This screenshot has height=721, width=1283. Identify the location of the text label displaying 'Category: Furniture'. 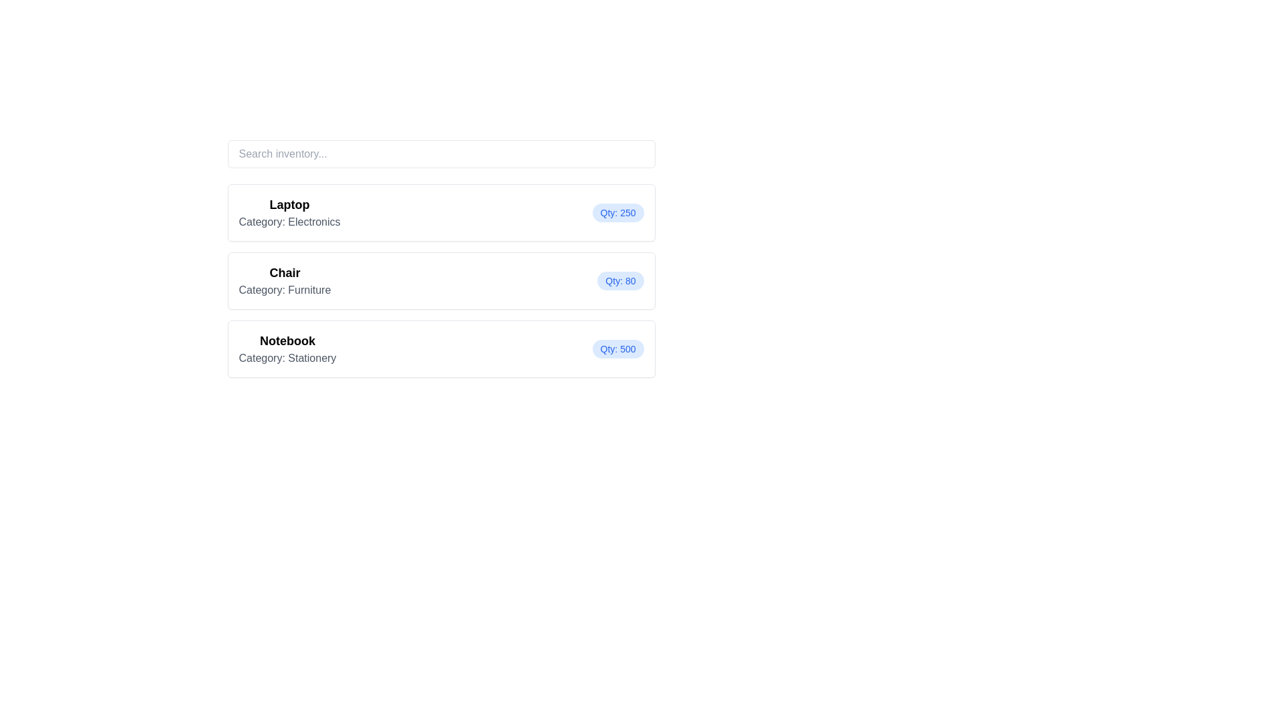
(284, 290).